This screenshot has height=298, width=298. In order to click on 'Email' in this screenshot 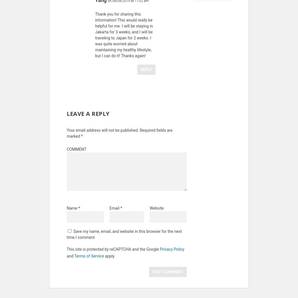, I will do `click(115, 211)`.